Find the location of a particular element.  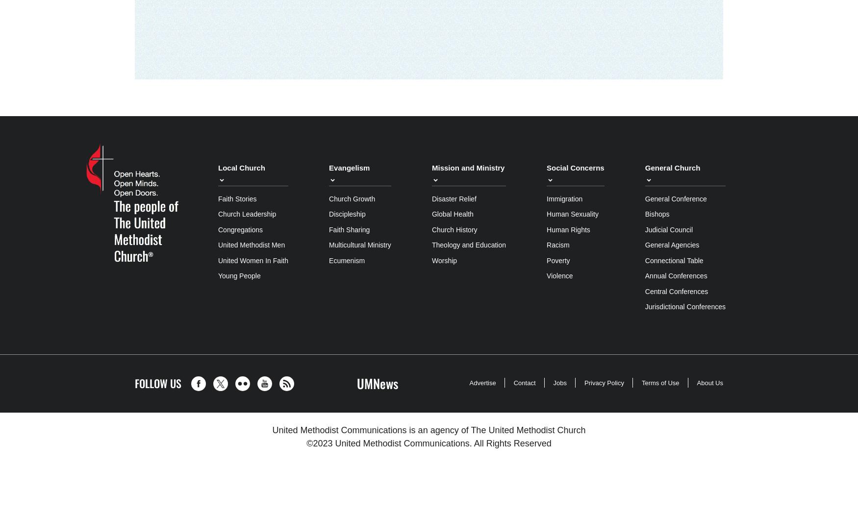

'Multicultural Ministry' is located at coordinates (328, 245).